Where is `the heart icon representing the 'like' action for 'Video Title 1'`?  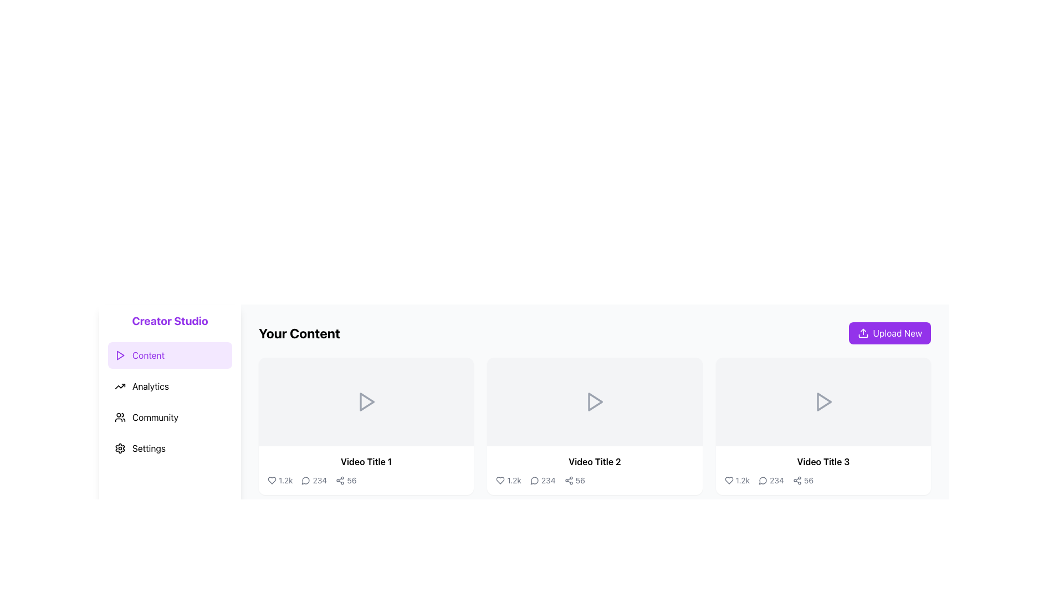 the heart icon representing the 'like' action for 'Video Title 1' is located at coordinates (272, 480).